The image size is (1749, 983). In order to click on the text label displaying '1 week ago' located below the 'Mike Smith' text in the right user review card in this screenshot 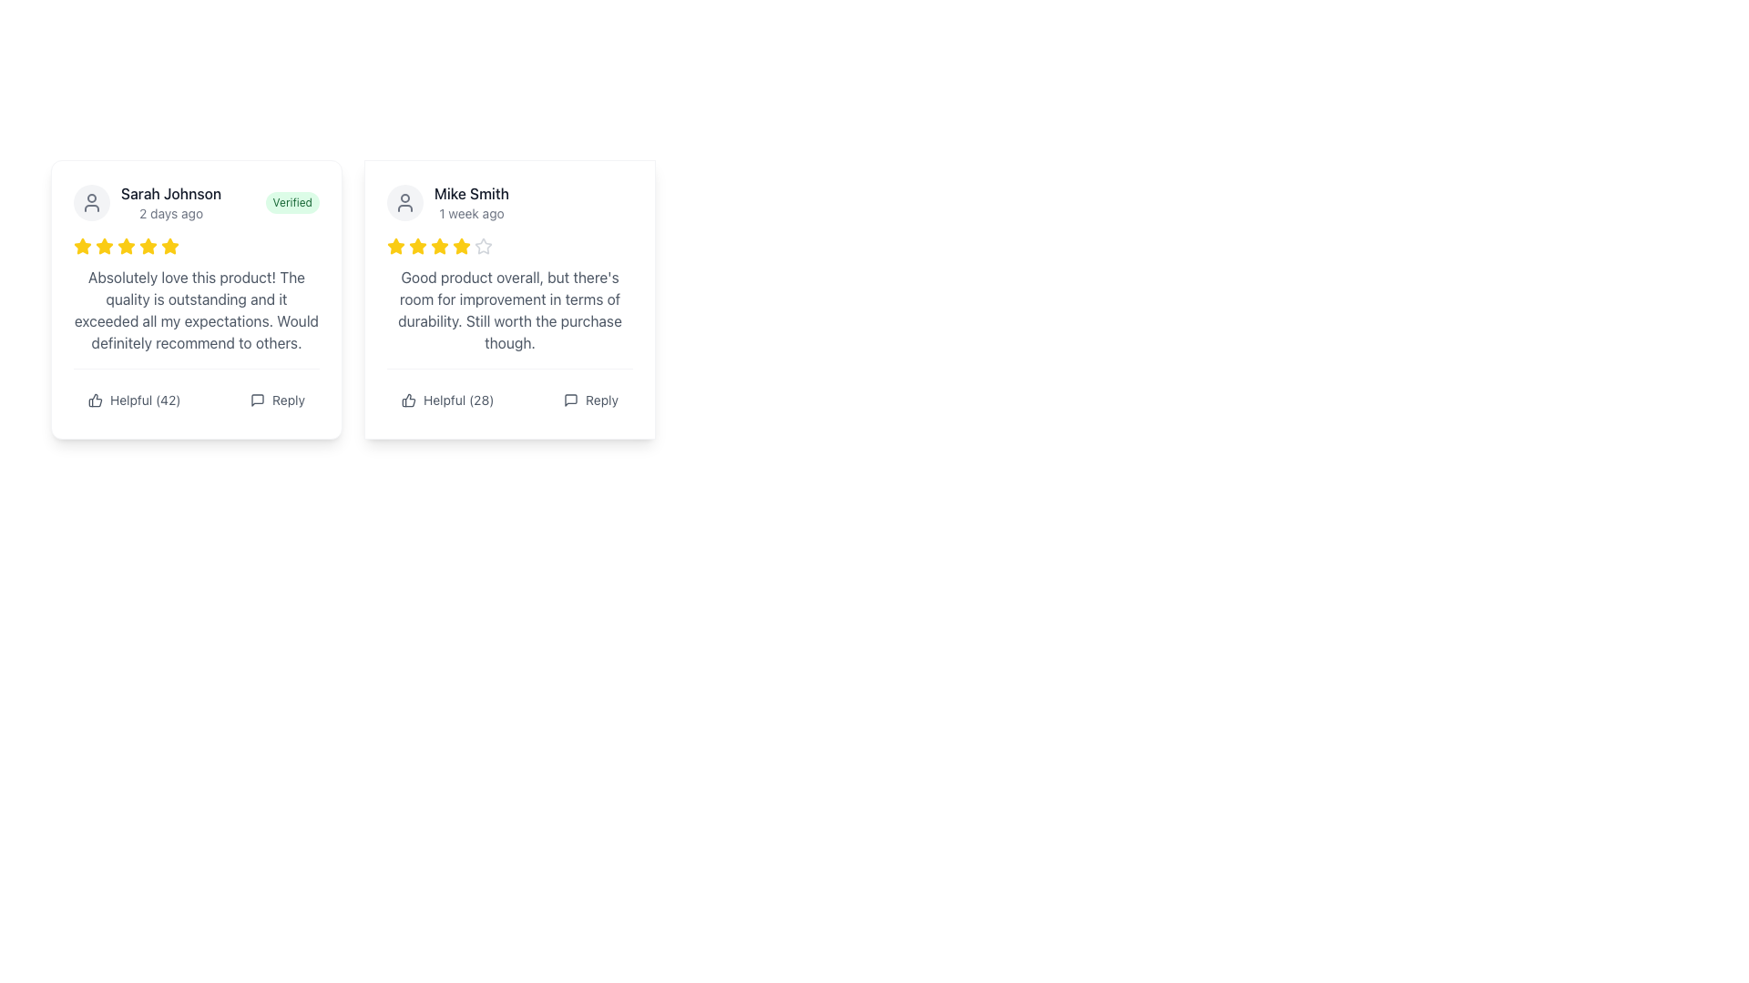, I will do `click(472, 213)`.